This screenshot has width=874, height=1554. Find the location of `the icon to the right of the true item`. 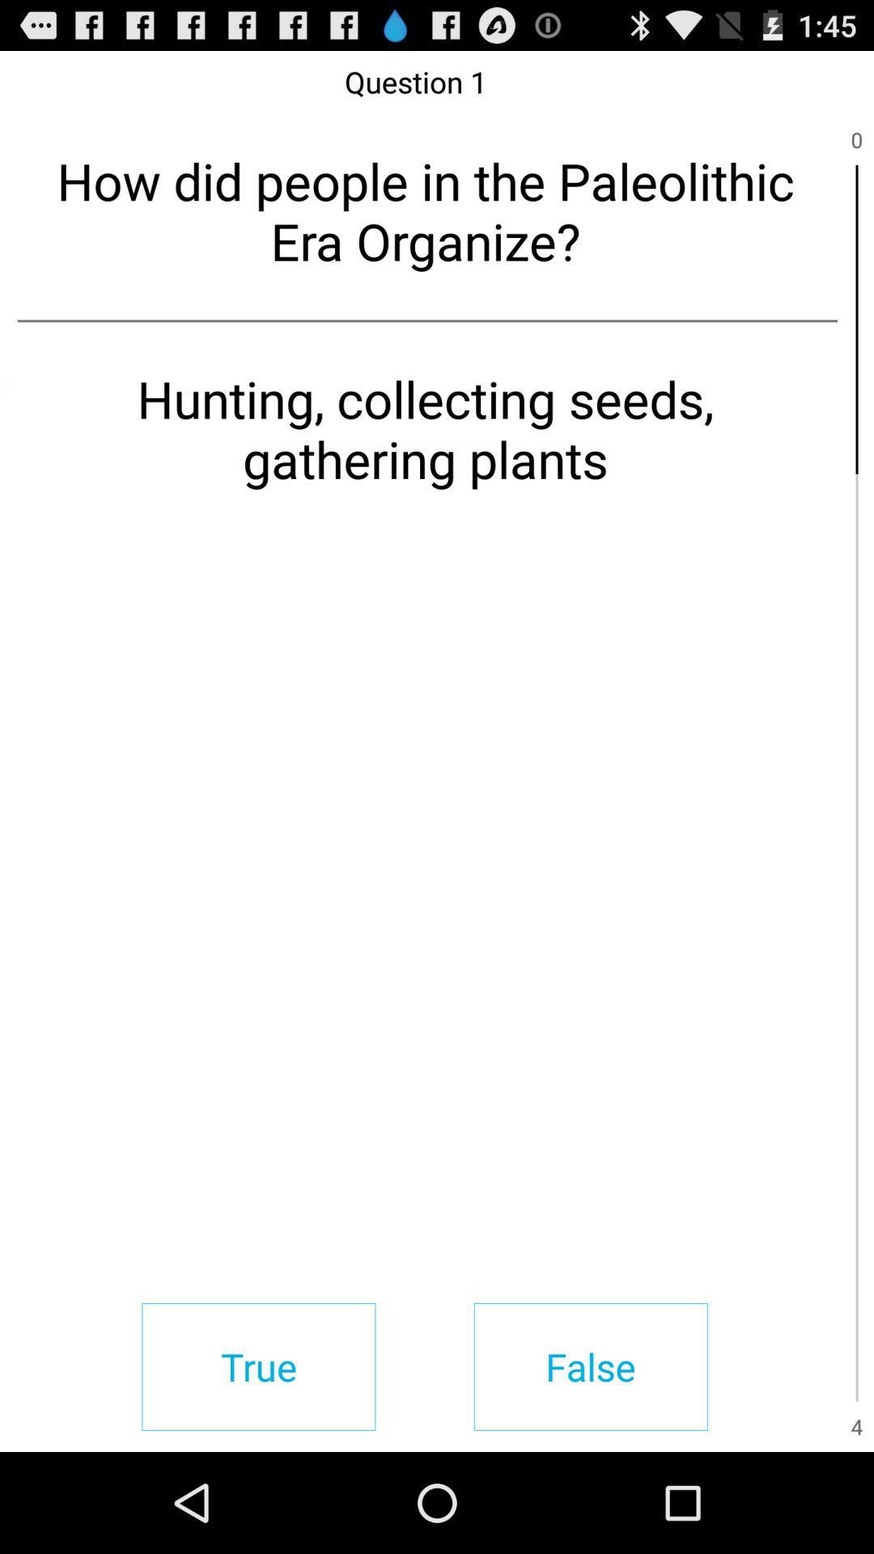

the icon to the right of the true item is located at coordinates (591, 1366).